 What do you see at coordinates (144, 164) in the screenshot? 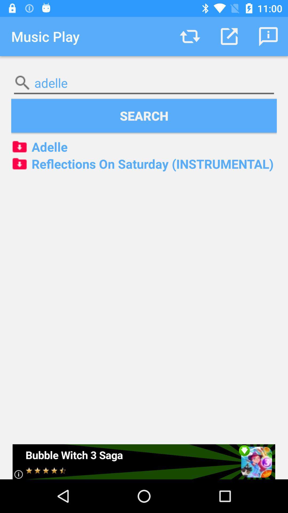
I see `item below the adelle icon` at bounding box center [144, 164].